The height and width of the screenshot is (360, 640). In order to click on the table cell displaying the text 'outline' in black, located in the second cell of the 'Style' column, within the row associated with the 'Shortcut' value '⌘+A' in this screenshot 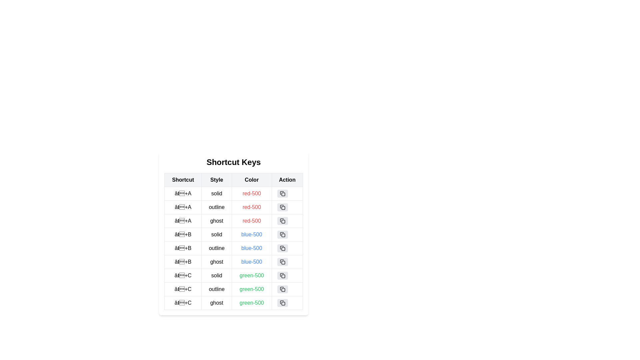, I will do `click(217, 207)`.